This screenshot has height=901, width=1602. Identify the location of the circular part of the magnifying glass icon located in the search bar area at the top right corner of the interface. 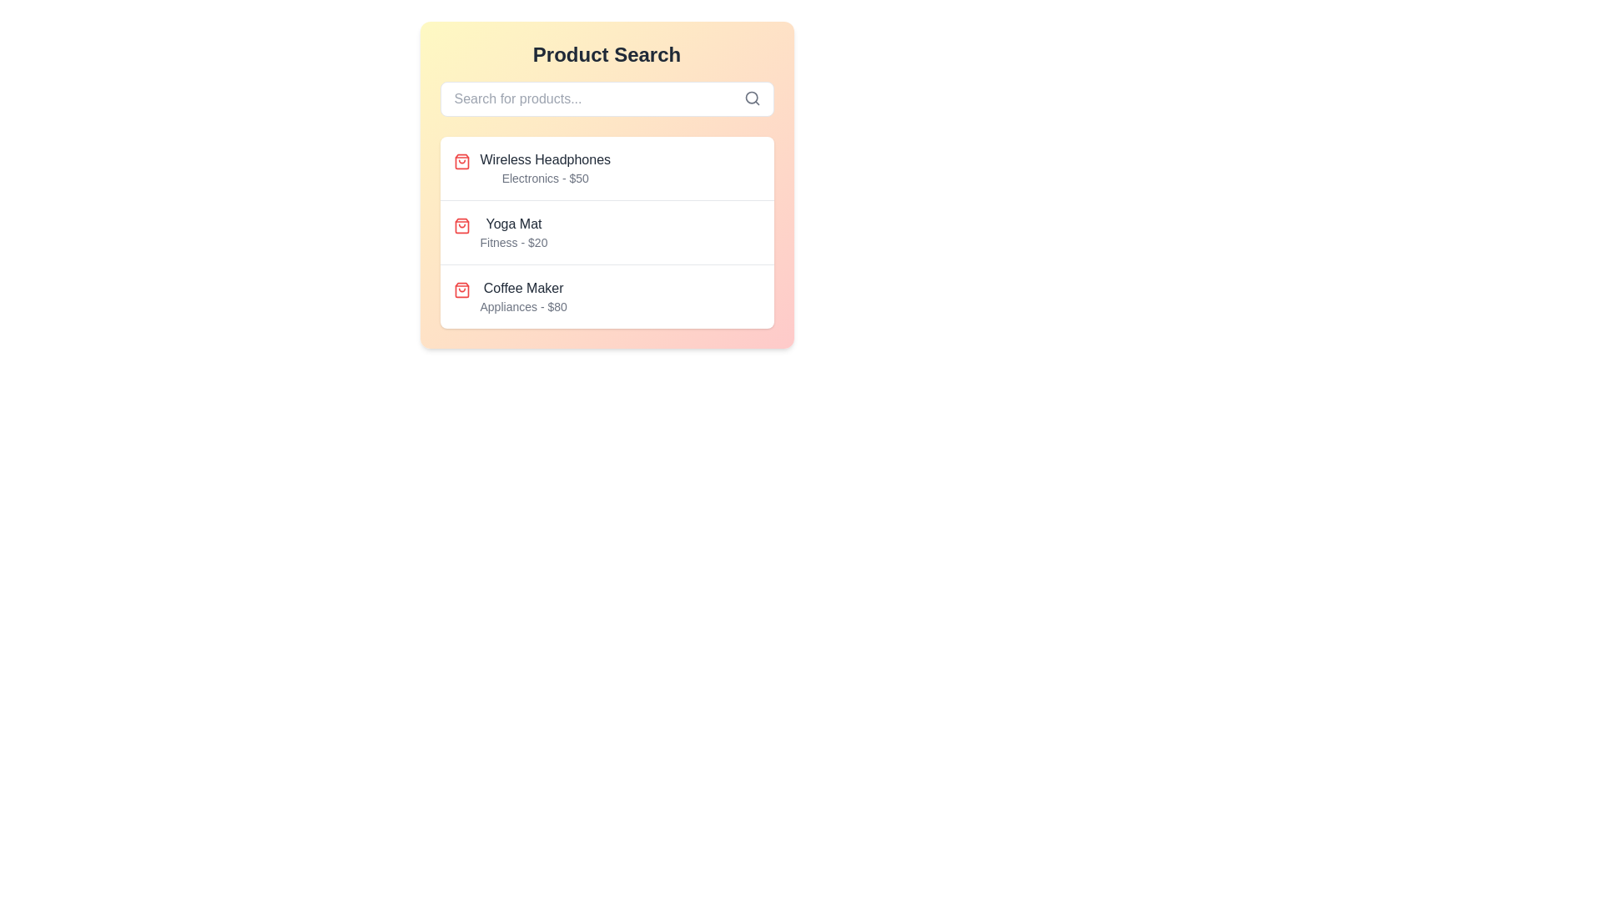
(750, 98).